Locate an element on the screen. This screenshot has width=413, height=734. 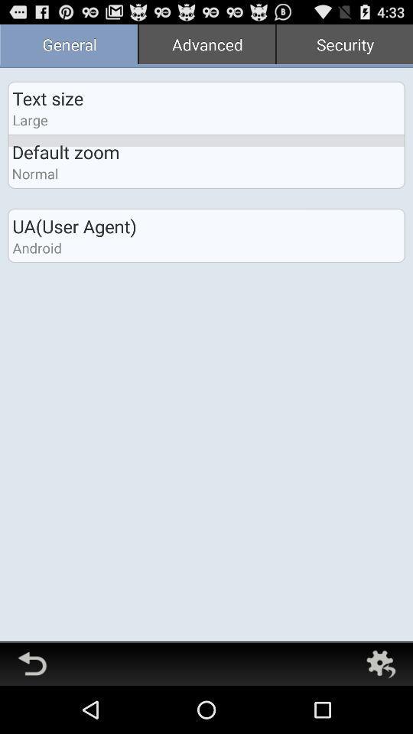
the app above ua(user agent) item is located at coordinates (206, 45).